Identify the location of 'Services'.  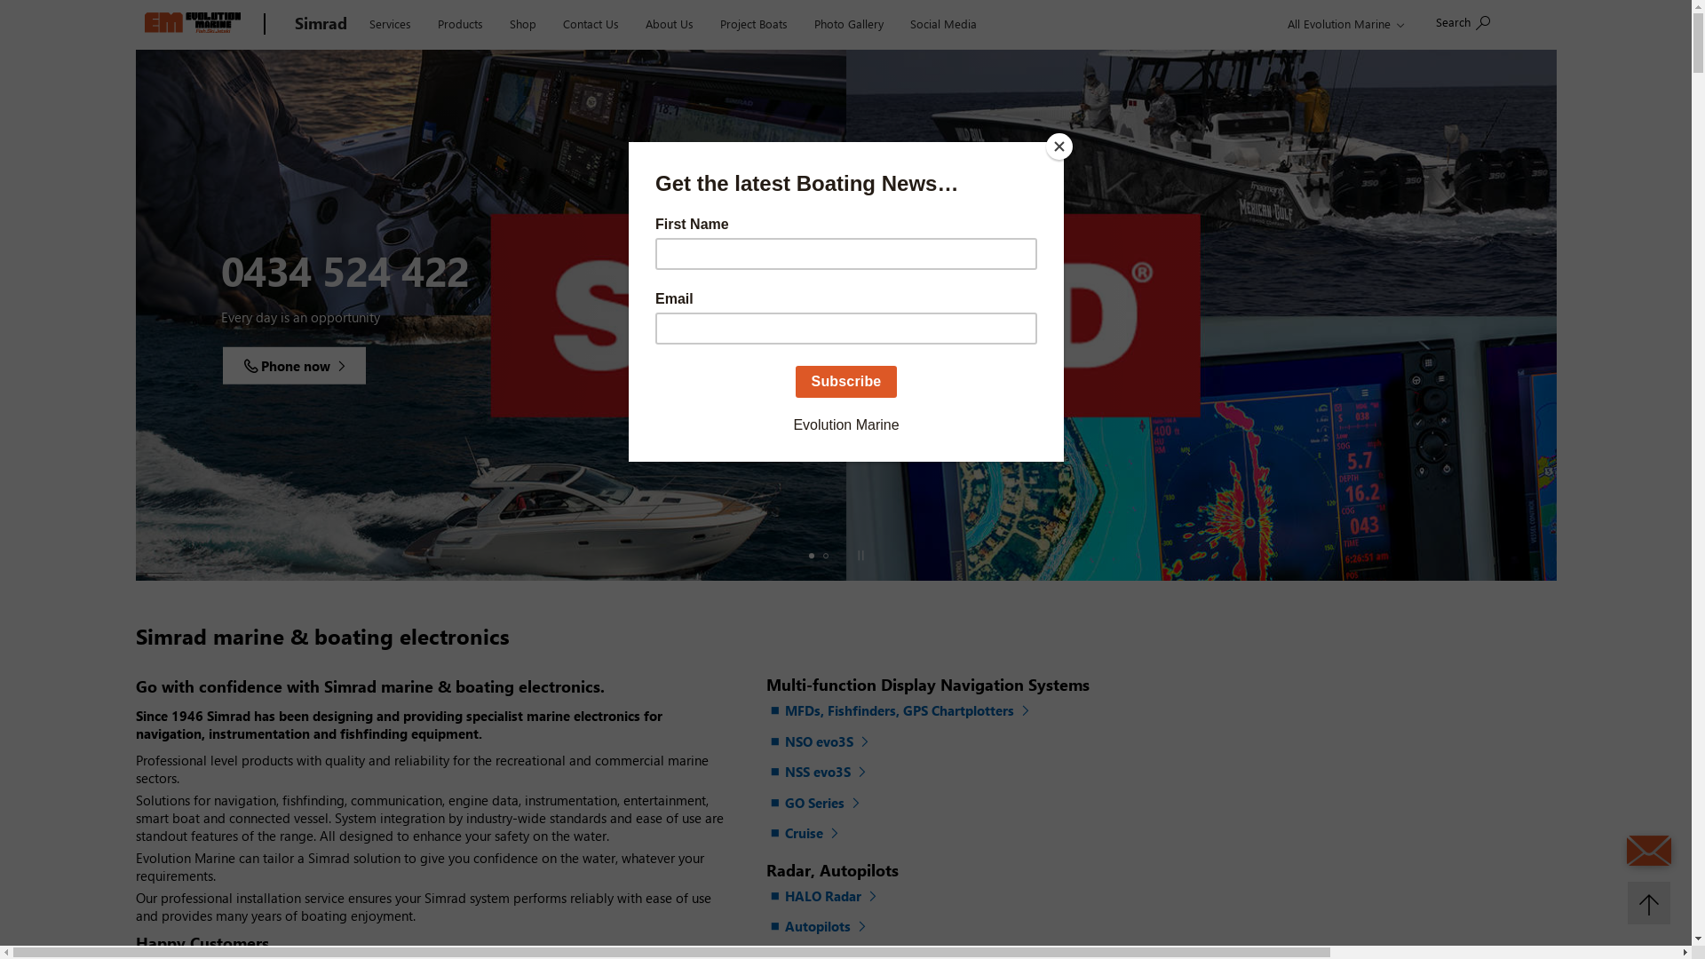
(388, 21).